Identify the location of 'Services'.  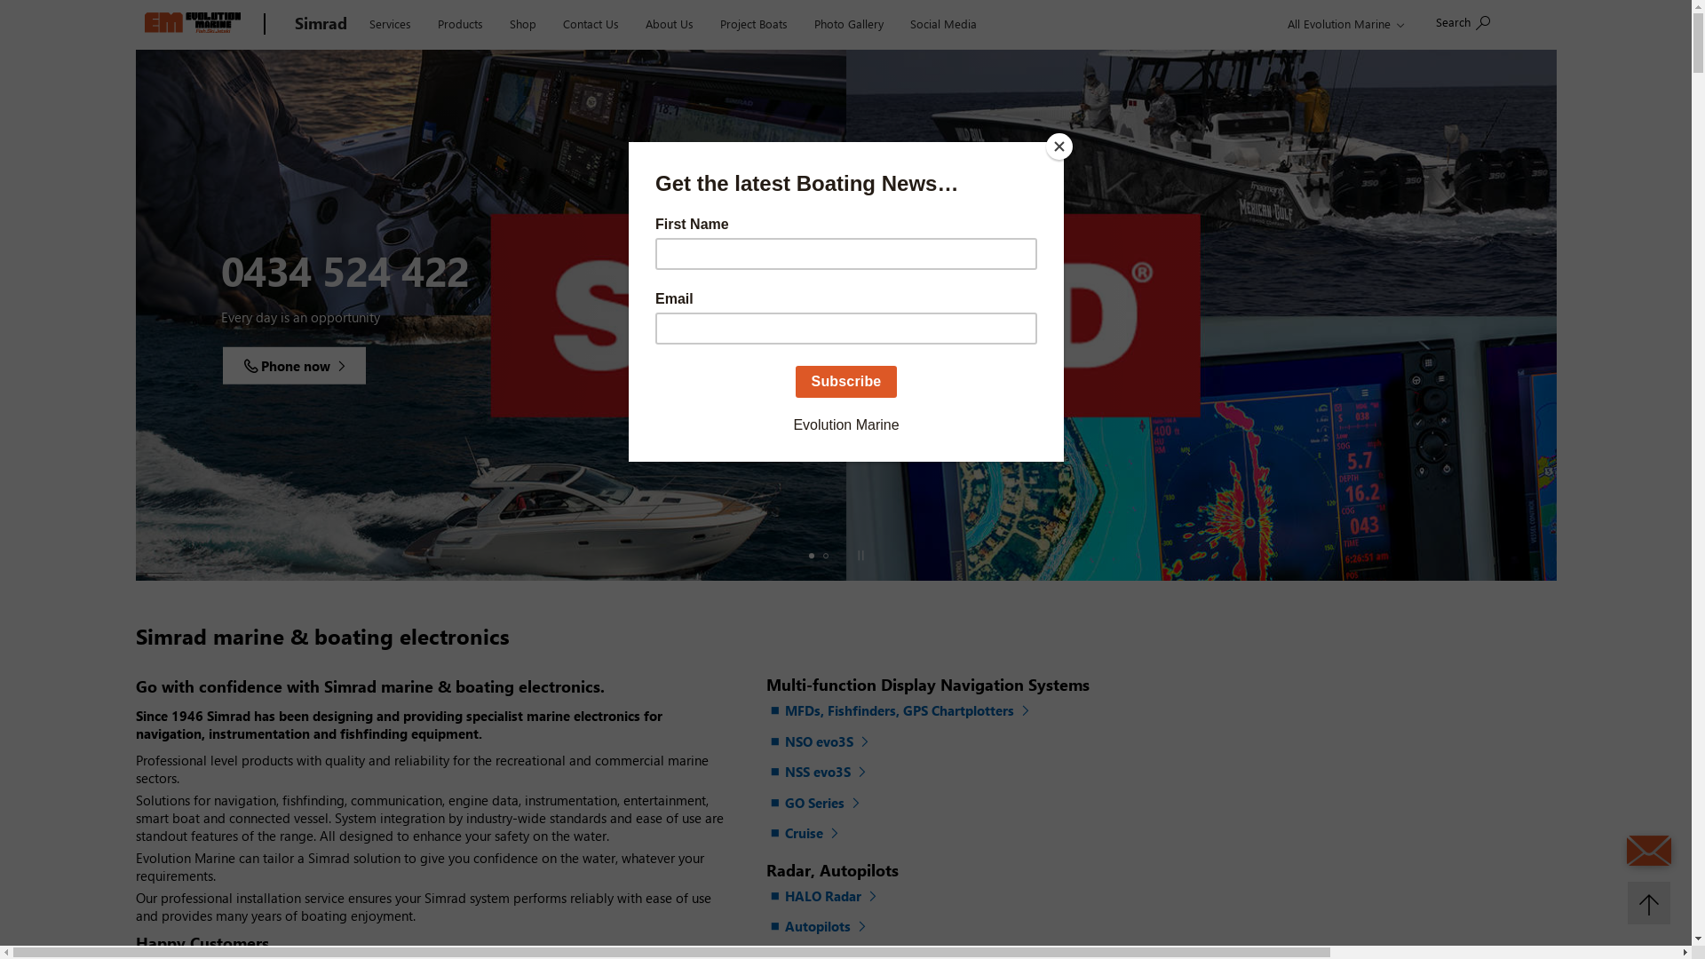
(388, 21).